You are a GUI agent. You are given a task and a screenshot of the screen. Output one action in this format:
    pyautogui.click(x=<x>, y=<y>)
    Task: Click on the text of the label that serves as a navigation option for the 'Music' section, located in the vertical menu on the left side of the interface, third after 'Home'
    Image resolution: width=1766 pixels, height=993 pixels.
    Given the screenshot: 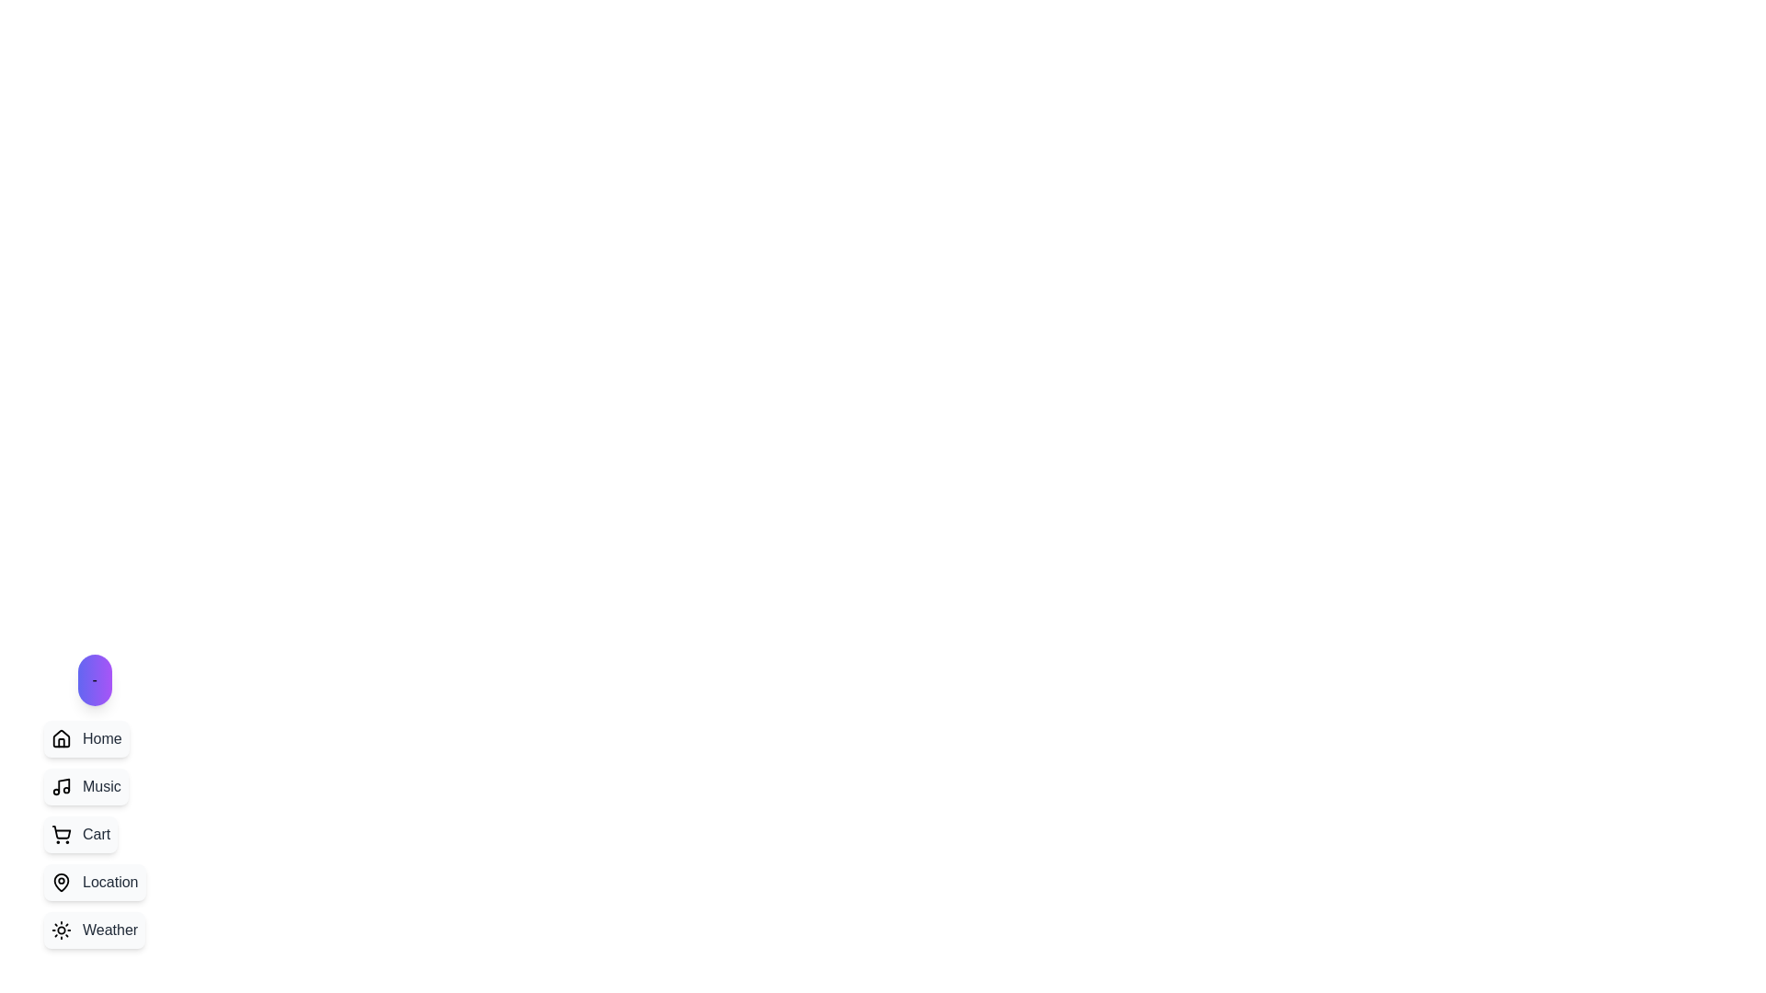 What is the action you would take?
    pyautogui.click(x=100, y=786)
    